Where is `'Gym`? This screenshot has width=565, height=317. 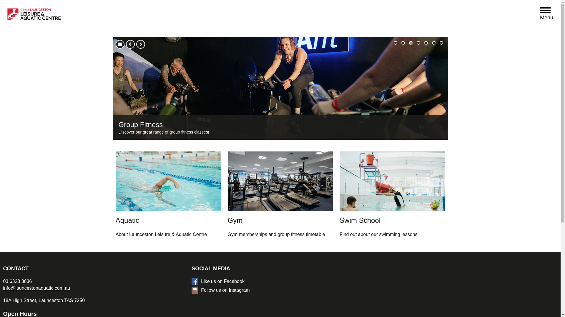 'Gym is located at coordinates (280, 196).